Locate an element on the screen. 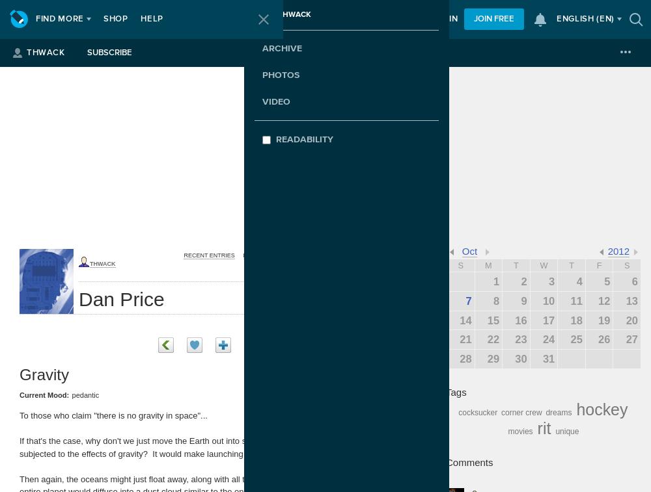 This screenshot has height=492, width=651. 'Readability' is located at coordinates (304, 138).